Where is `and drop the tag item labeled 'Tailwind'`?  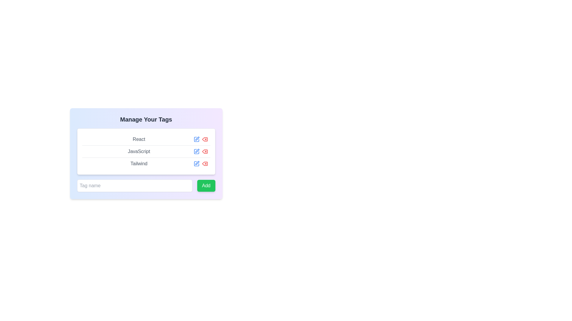 and drop the tag item labeled 'Tailwind' is located at coordinates (146, 163).